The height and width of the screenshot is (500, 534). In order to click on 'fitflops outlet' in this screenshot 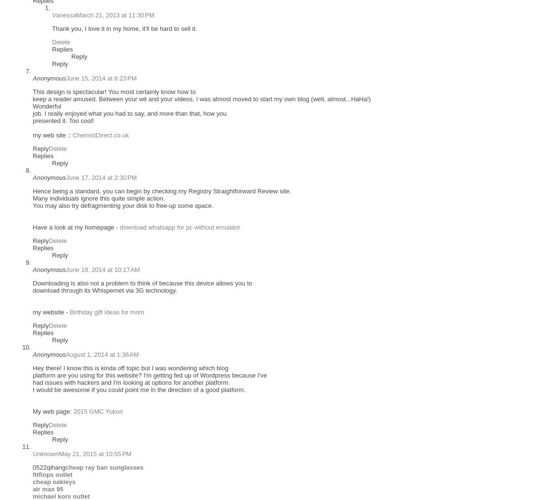, I will do `click(53, 474)`.